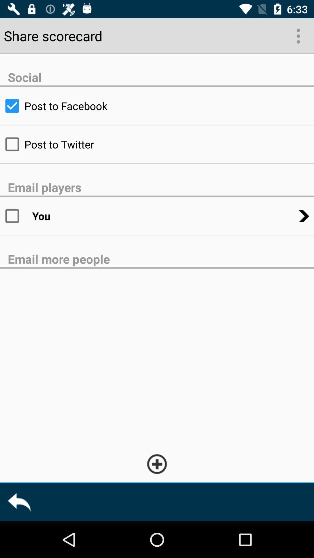  Describe the element at coordinates (298, 35) in the screenshot. I see `the more icon` at that location.